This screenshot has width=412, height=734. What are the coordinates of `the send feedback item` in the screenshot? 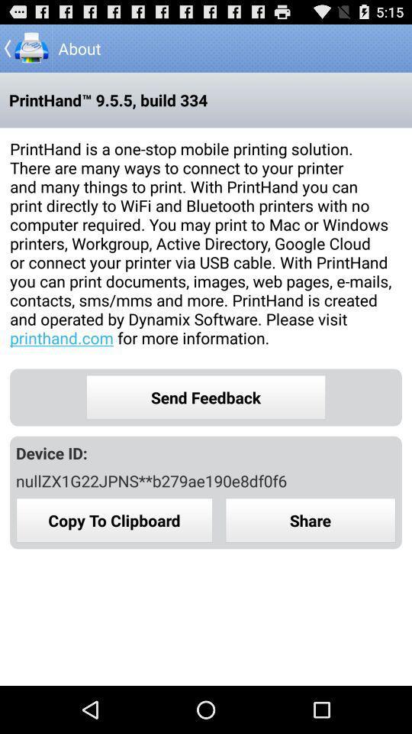 It's located at (206, 396).